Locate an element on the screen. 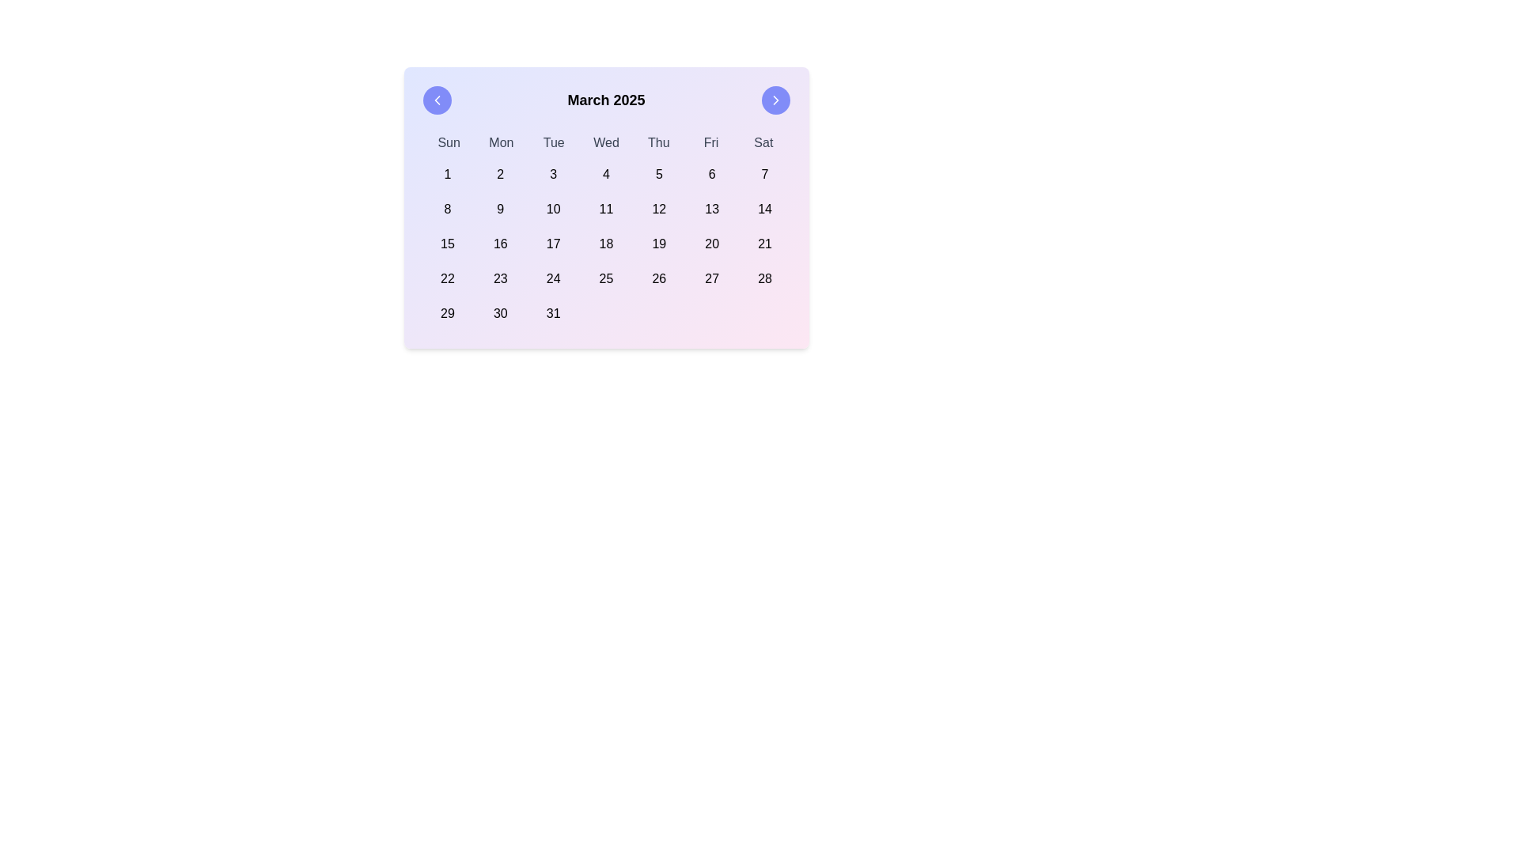  the selectable button for the 28th day in the calendar grid is located at coordinates (765, 278).